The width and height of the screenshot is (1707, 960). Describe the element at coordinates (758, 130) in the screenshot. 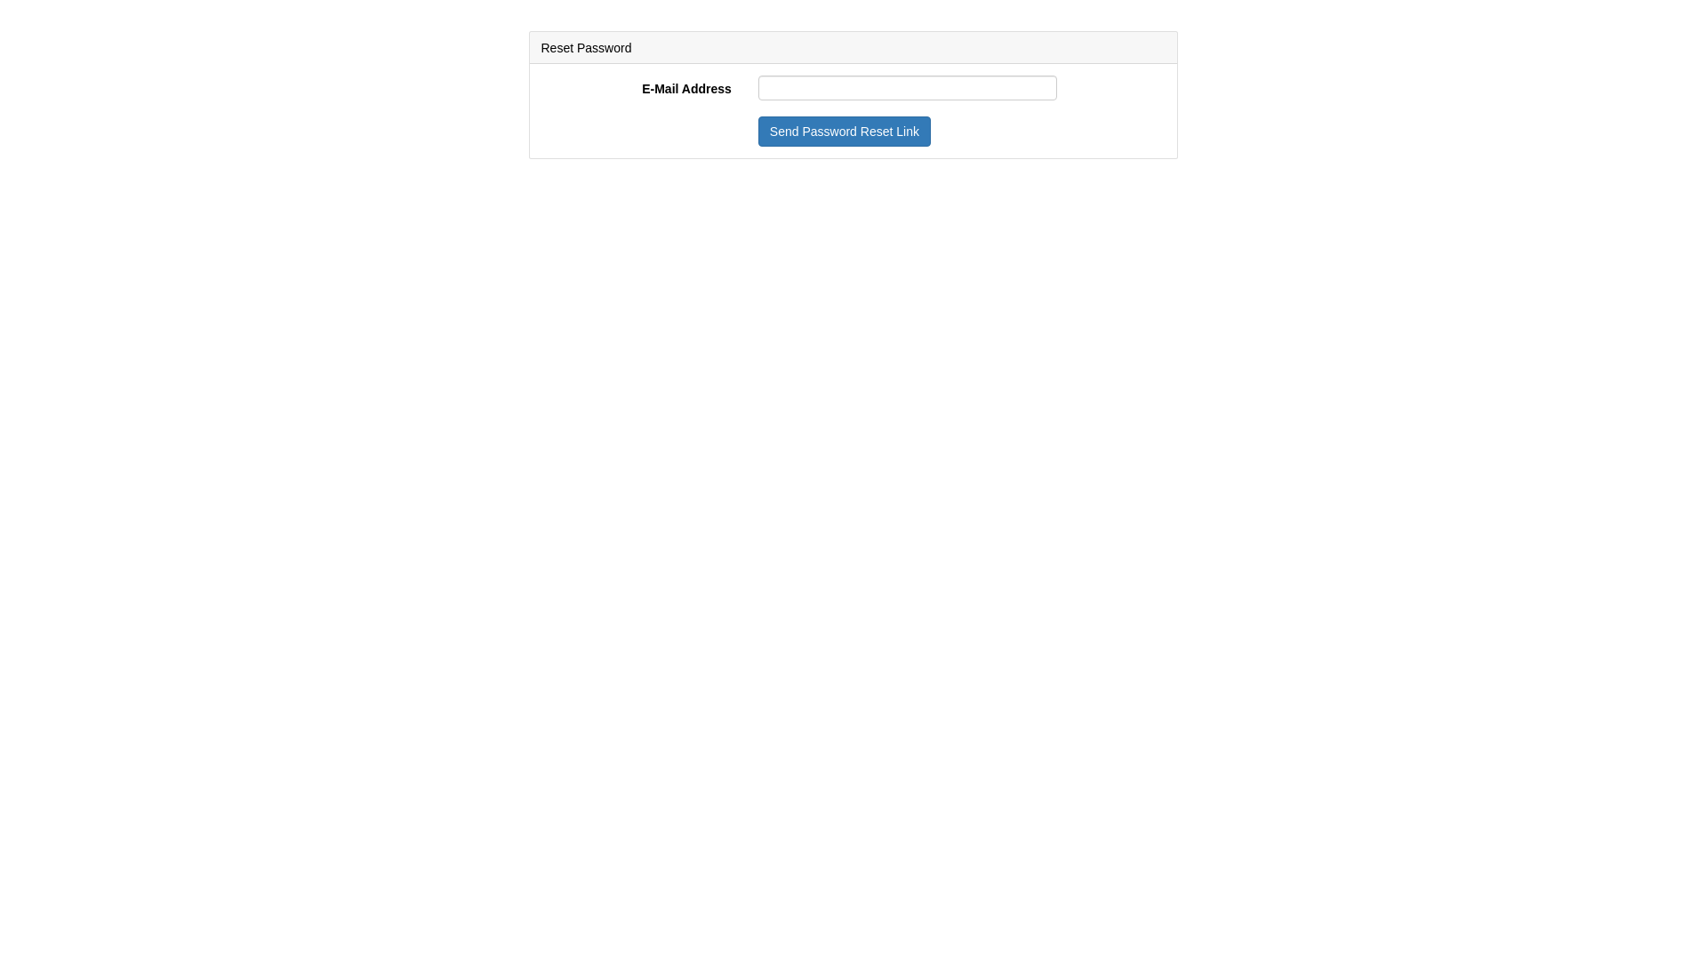

I see `'Send Password Reset Link'` at that location.